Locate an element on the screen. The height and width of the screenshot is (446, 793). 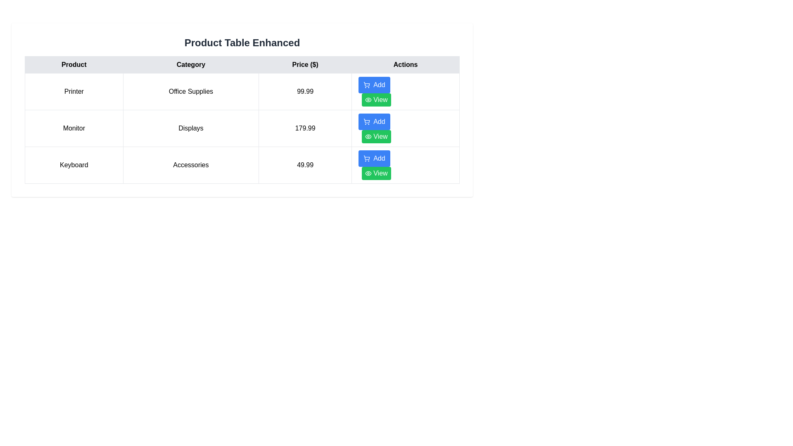
the first cell in the first row of the product description table, which displays the product name 'Printer' is located at coordinates (74, 92).